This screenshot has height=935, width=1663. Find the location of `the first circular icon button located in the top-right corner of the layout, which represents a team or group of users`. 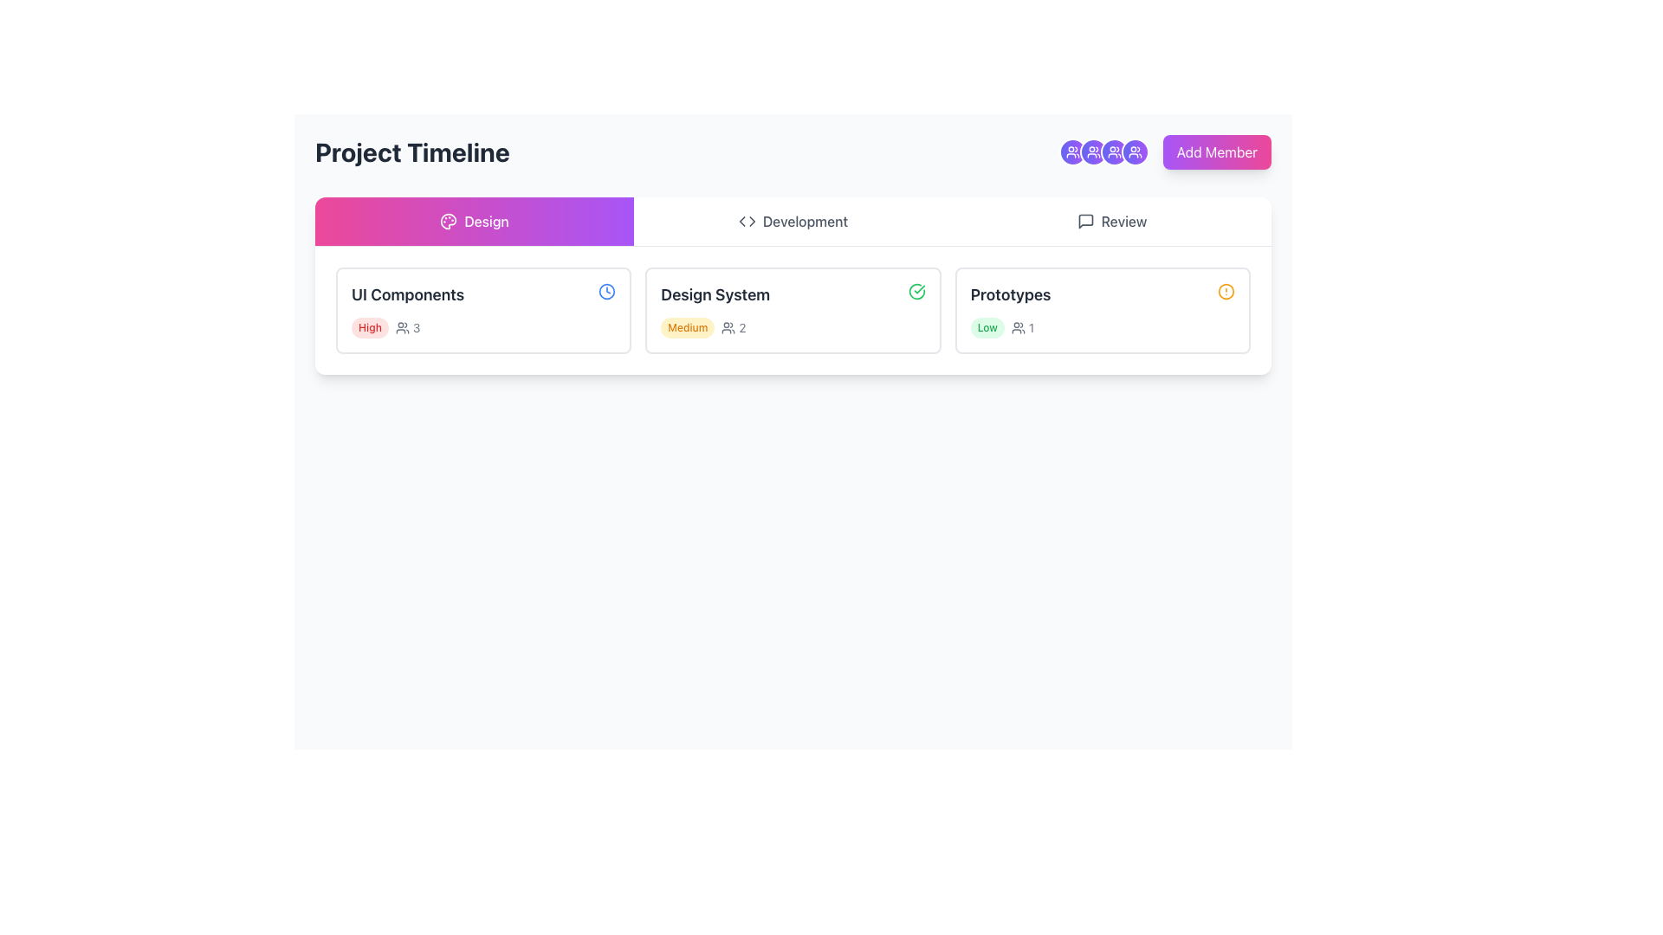

the first circular icon button located in the top-right corner of the layout, which represents a team or group of users is located at coordinates (1071, 152).